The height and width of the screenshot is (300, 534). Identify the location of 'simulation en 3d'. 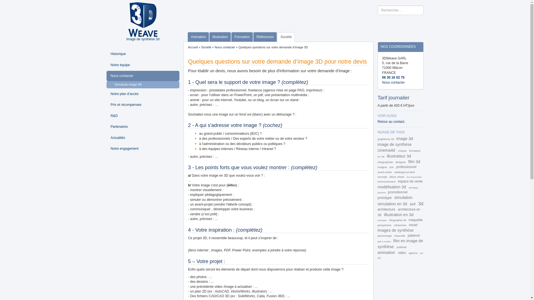
(378, 204).